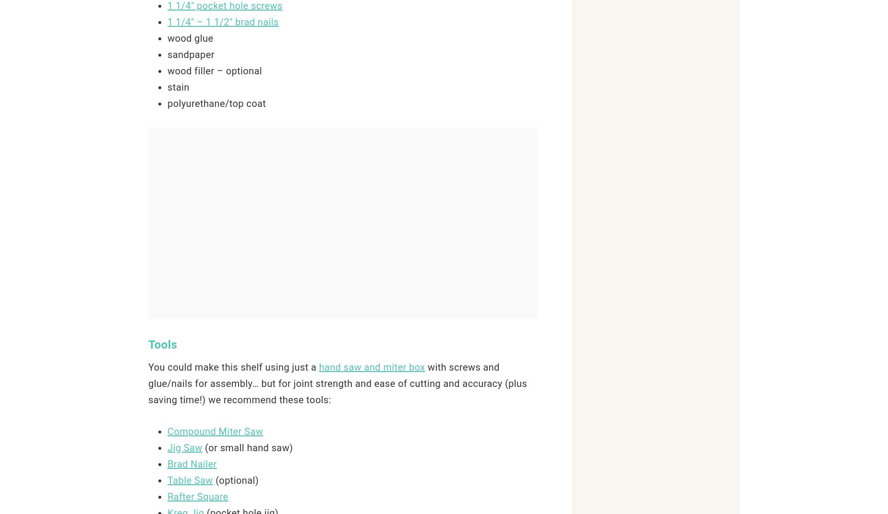  I want to click on '(optional)', so click(235, 479).